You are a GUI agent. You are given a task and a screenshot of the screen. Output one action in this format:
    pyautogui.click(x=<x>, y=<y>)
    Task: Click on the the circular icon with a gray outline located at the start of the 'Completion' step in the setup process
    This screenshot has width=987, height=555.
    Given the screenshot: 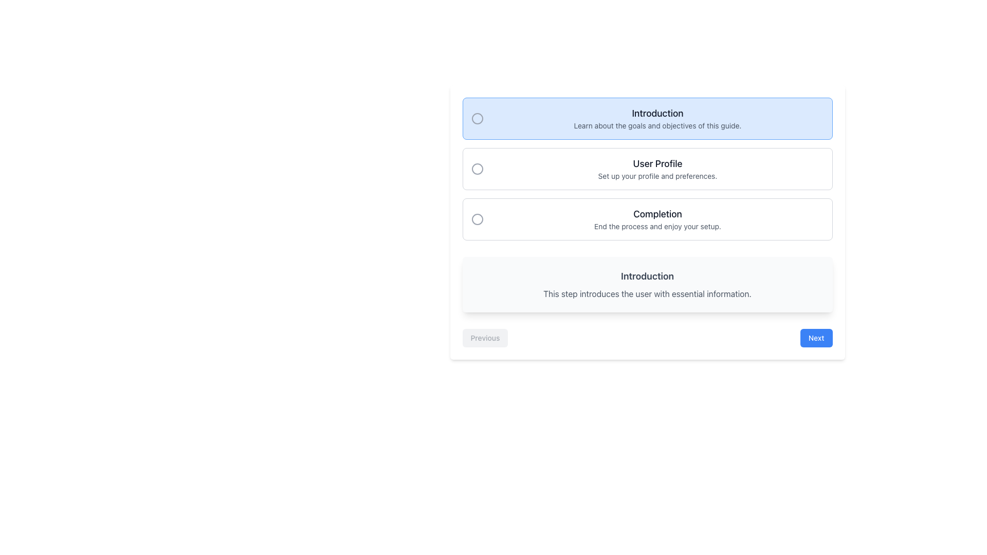 What is the action you would take?
    pyautogui.click(x=477, y=219)
    